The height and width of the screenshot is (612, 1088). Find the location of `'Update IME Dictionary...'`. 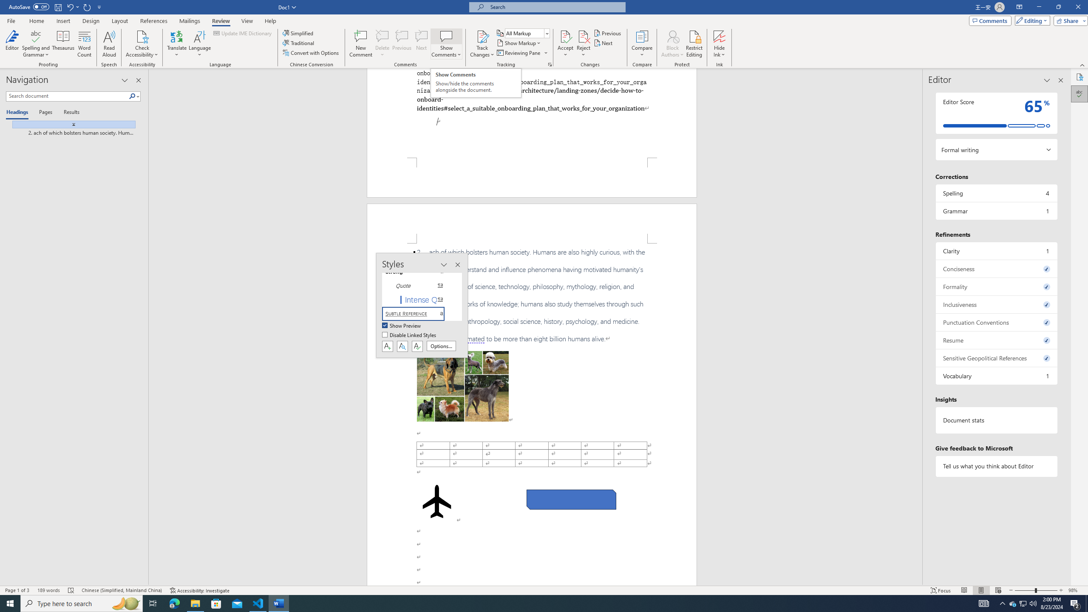

'Update IME Dictionary...' is located at coordinates (243, 33).